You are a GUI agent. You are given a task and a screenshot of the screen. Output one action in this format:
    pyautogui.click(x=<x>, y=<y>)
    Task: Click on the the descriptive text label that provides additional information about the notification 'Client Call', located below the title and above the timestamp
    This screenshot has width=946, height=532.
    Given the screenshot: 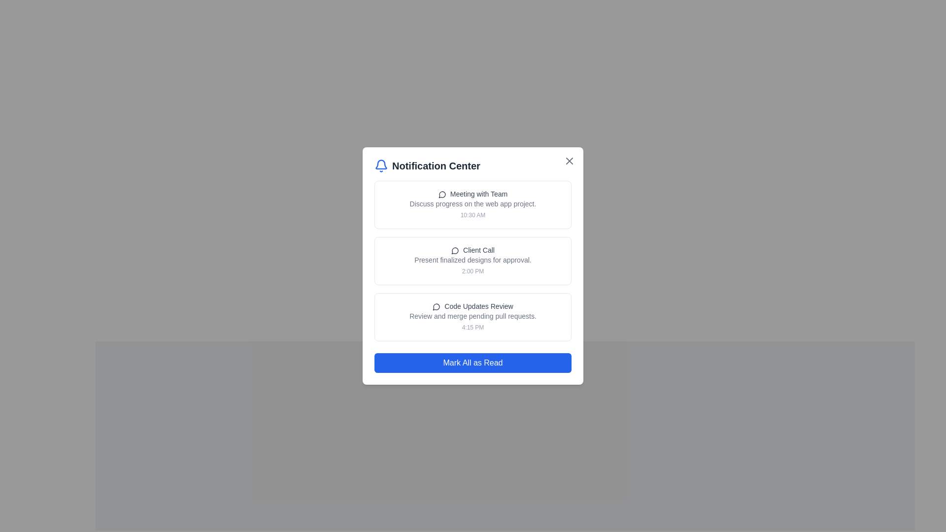 What is the action you would take?
    pyautogui.click(x=473, y=260)
    